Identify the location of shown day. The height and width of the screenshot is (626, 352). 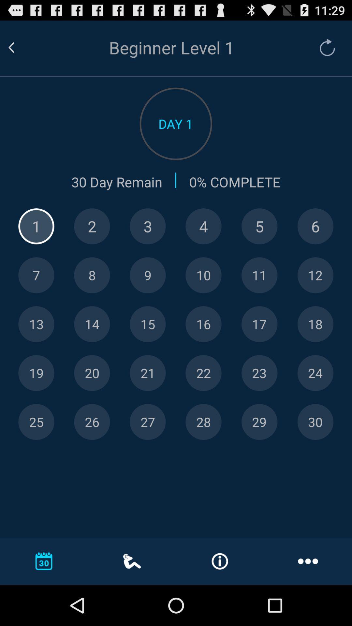
(203, 324).